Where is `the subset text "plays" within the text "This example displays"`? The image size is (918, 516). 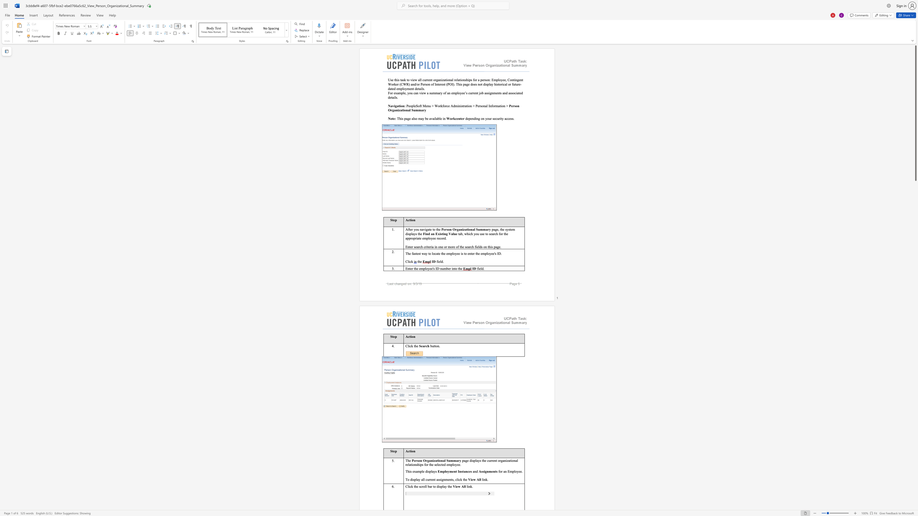 the subset text "plays" within the text "This example displays" is located at coordinates (429, 471).